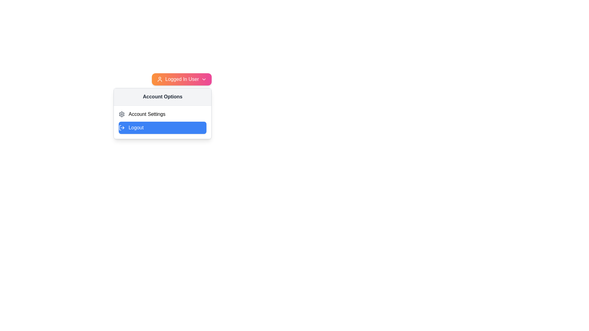 This screenshot has height=331, width=589. Describe the element at coordinates (136, 127) in the screenshot. I see `the blue button in the 'Account Options' section that contains the logout label, which is positioned underneath 'Account Settings' and next to the log-out icon` at that location.